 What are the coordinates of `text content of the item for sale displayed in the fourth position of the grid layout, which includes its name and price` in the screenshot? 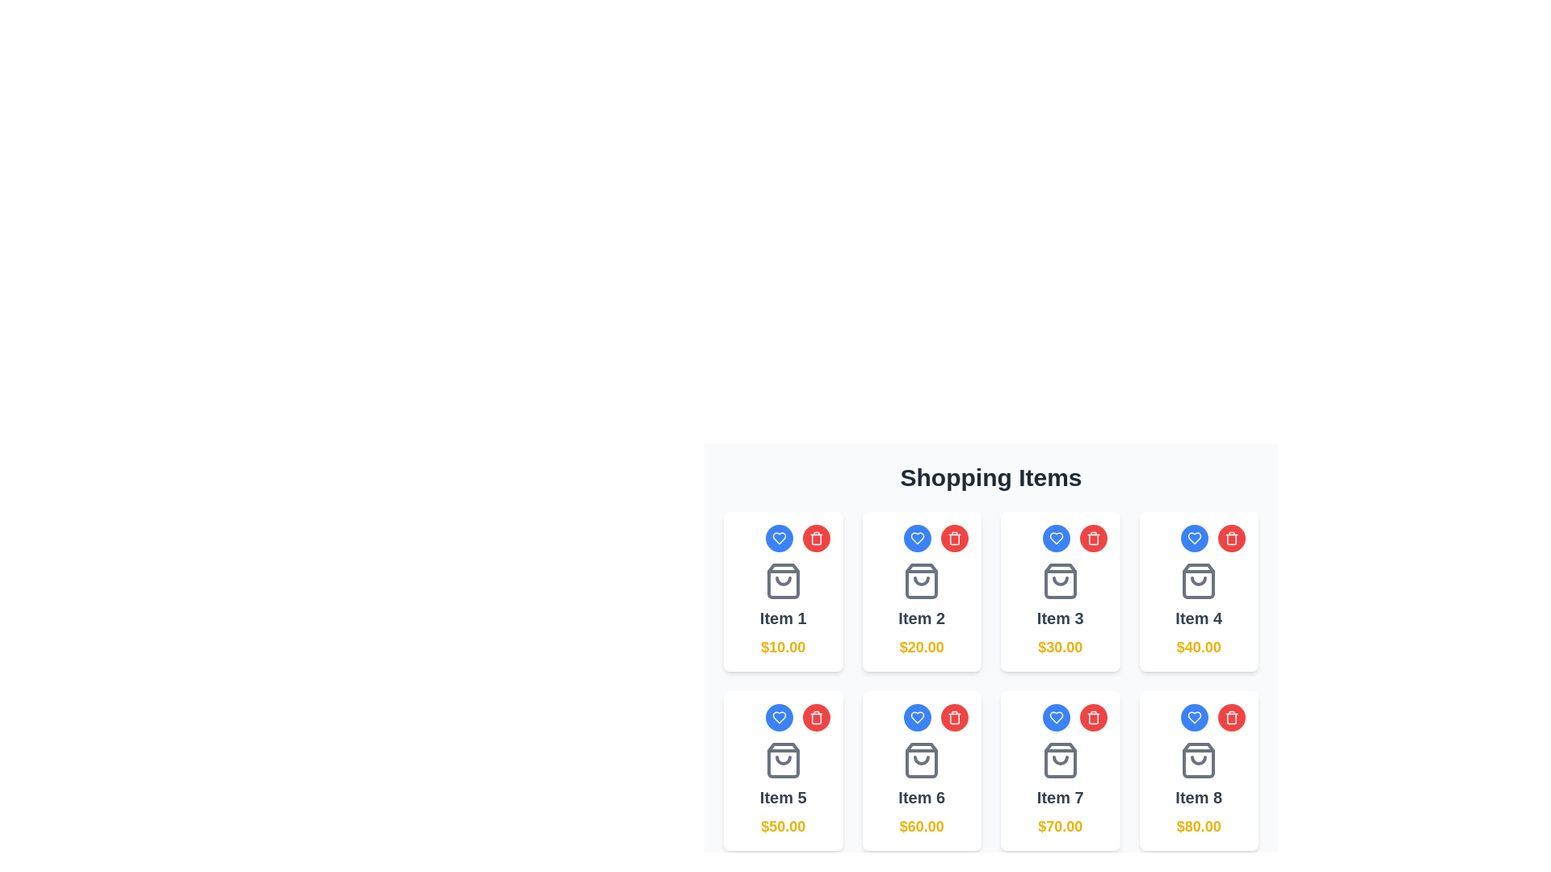 It's located at (1199, 610).